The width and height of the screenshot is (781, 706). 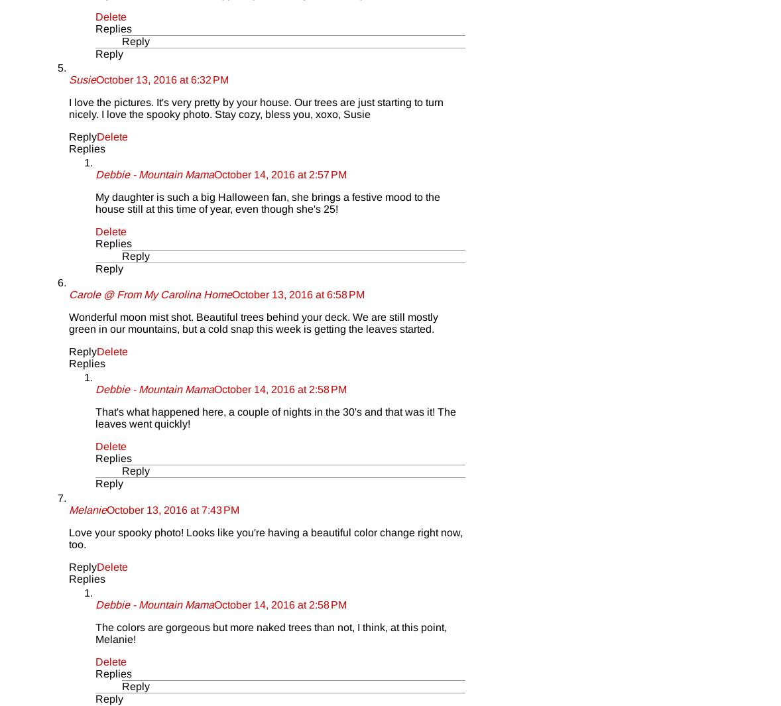 What do you see at coordinates (253, 322) in the screenshot?
I see `'Wonderful moon mist shot.  Beautiful trees behind your deck.  We are still mostly green in our mountains, but a cold snap this week is getting the leaves started.'` at bounding box center [253, 322].